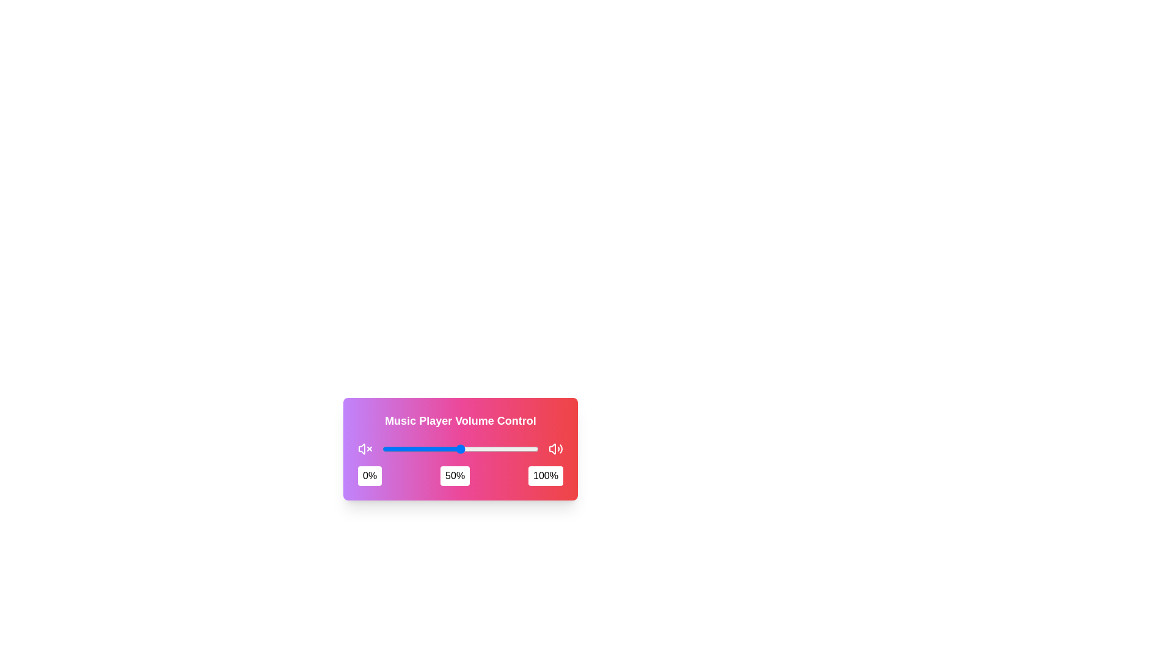  I want to click on the slider to set the volume to 4%, so click(388, 449).